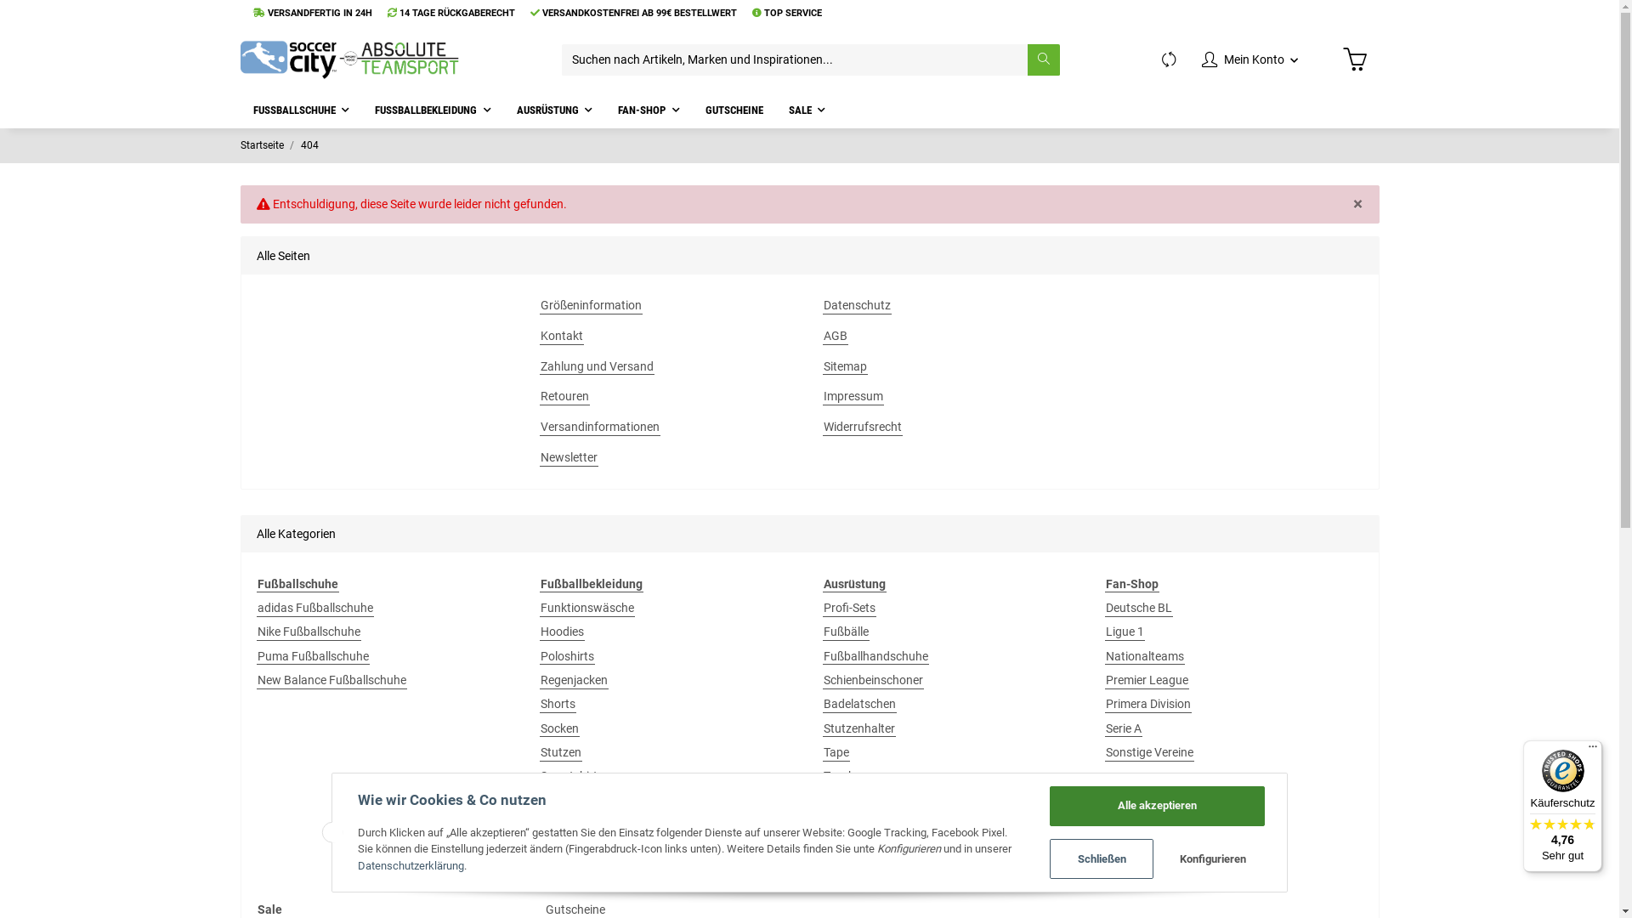 The width and height of the screenshot is (1632, 918). I want to click on 'Ligue 1', so click(1125, 632).